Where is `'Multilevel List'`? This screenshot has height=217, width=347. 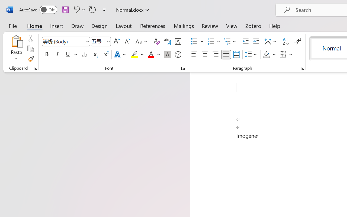
'Multilevel List' is located at coordinates (230, 42).